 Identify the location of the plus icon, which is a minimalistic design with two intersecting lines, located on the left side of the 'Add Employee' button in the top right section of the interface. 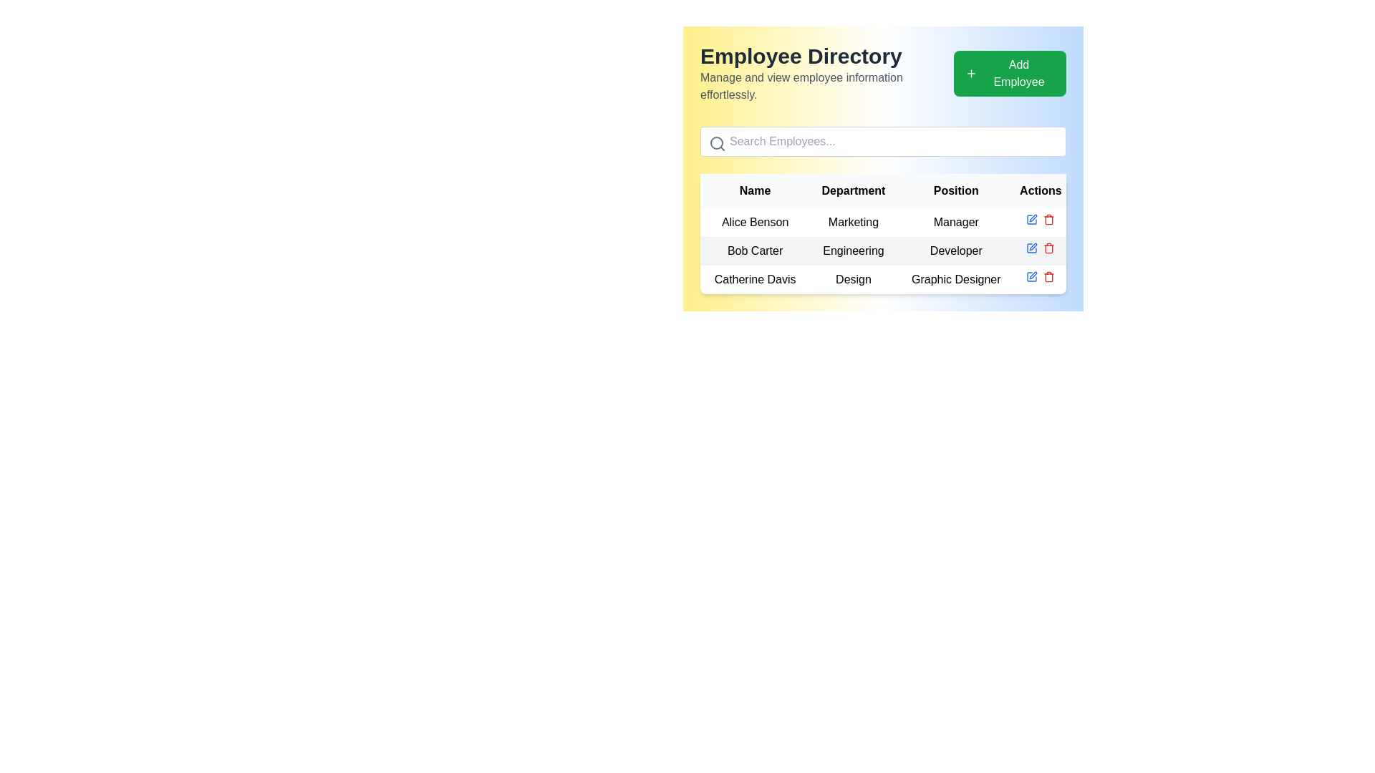
(971, 74).